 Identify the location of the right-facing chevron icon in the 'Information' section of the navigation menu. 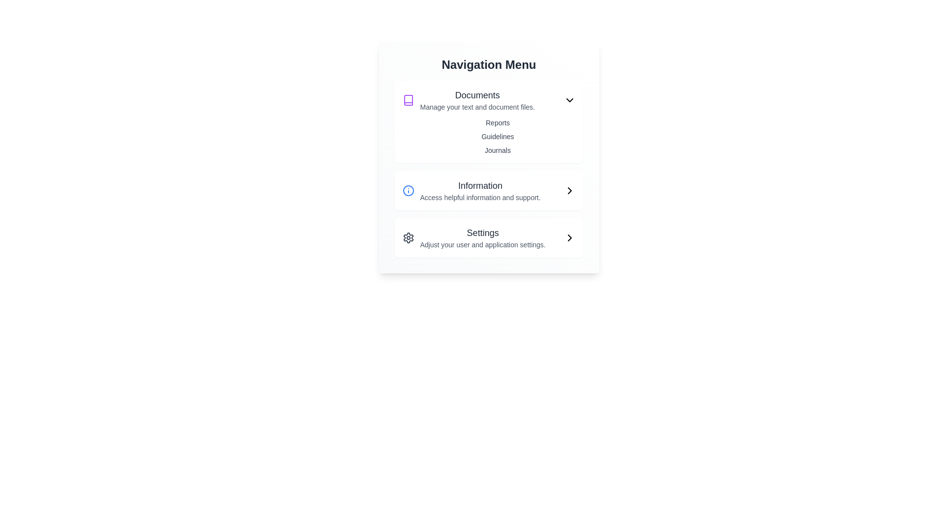
(569, 191).